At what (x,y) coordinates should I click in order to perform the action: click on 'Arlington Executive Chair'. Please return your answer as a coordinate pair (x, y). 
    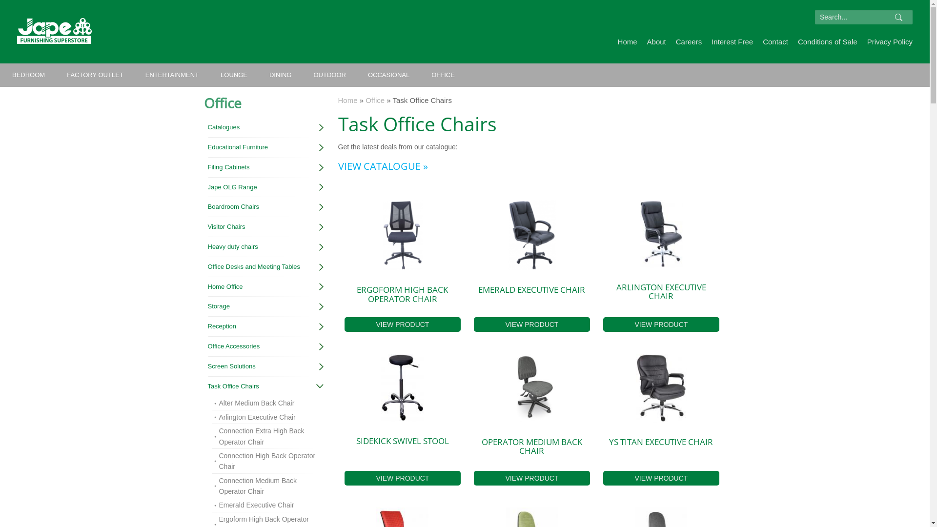
    Looking at the image, I should click on (268, 417).